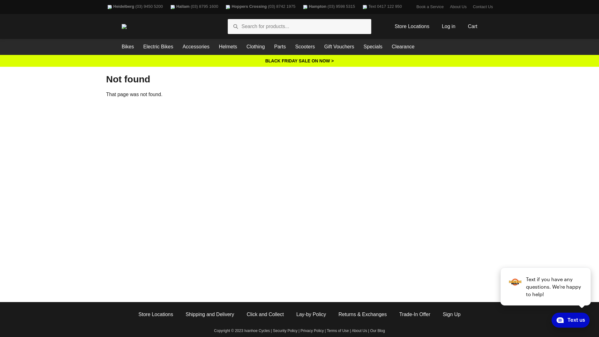 This screenshot has width=599, height=337. What do you see at coordinates (265, 315) in the screenshot?
I see `'Click and Collect'` at bounding box center [265, 315].